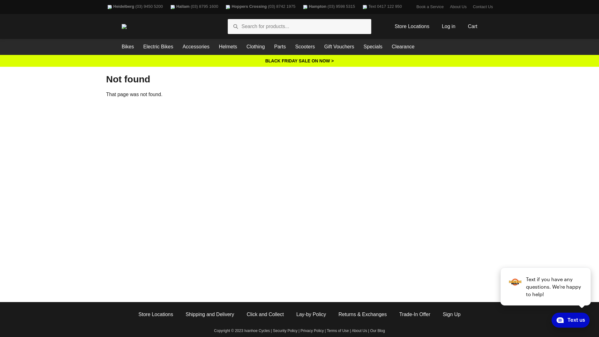 This screenshot has width=599, height=337. What do you see at coordinates (265, 315) in the screenshot?
I see `'Click and Collect'` at bounding box center [265, 315].